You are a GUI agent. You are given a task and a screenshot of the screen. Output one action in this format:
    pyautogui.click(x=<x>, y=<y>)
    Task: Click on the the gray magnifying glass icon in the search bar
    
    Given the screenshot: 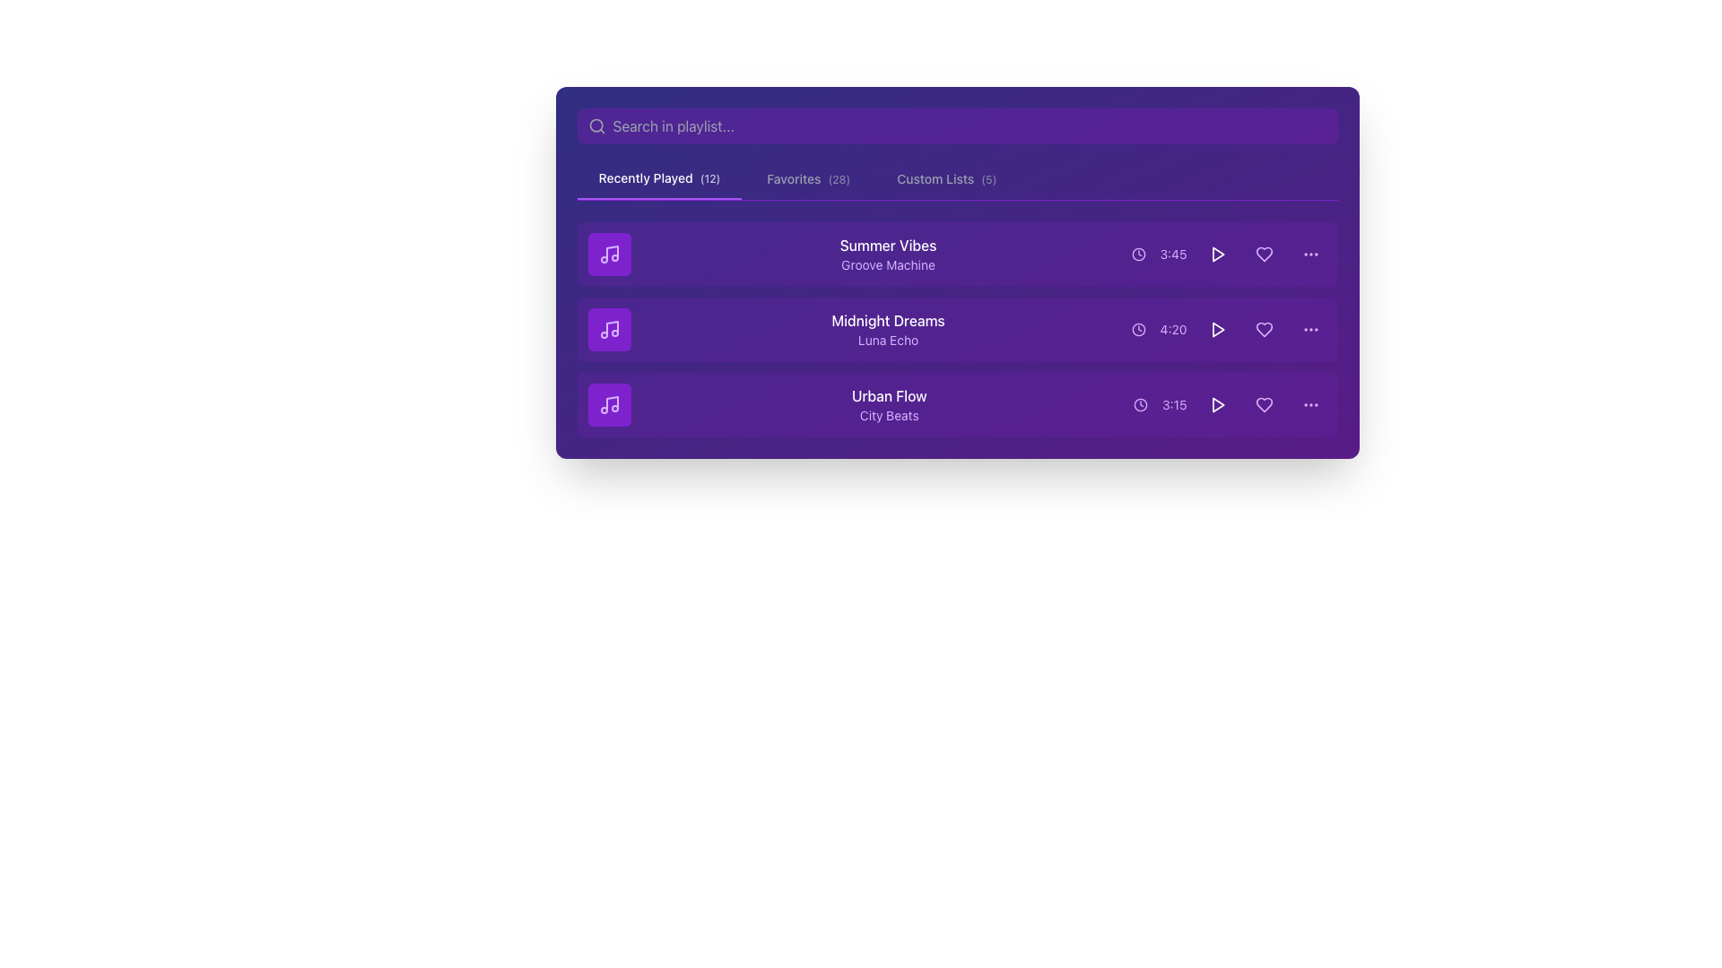 What is the action you would take?
    pyautogui.click(x=596, y=125)
    